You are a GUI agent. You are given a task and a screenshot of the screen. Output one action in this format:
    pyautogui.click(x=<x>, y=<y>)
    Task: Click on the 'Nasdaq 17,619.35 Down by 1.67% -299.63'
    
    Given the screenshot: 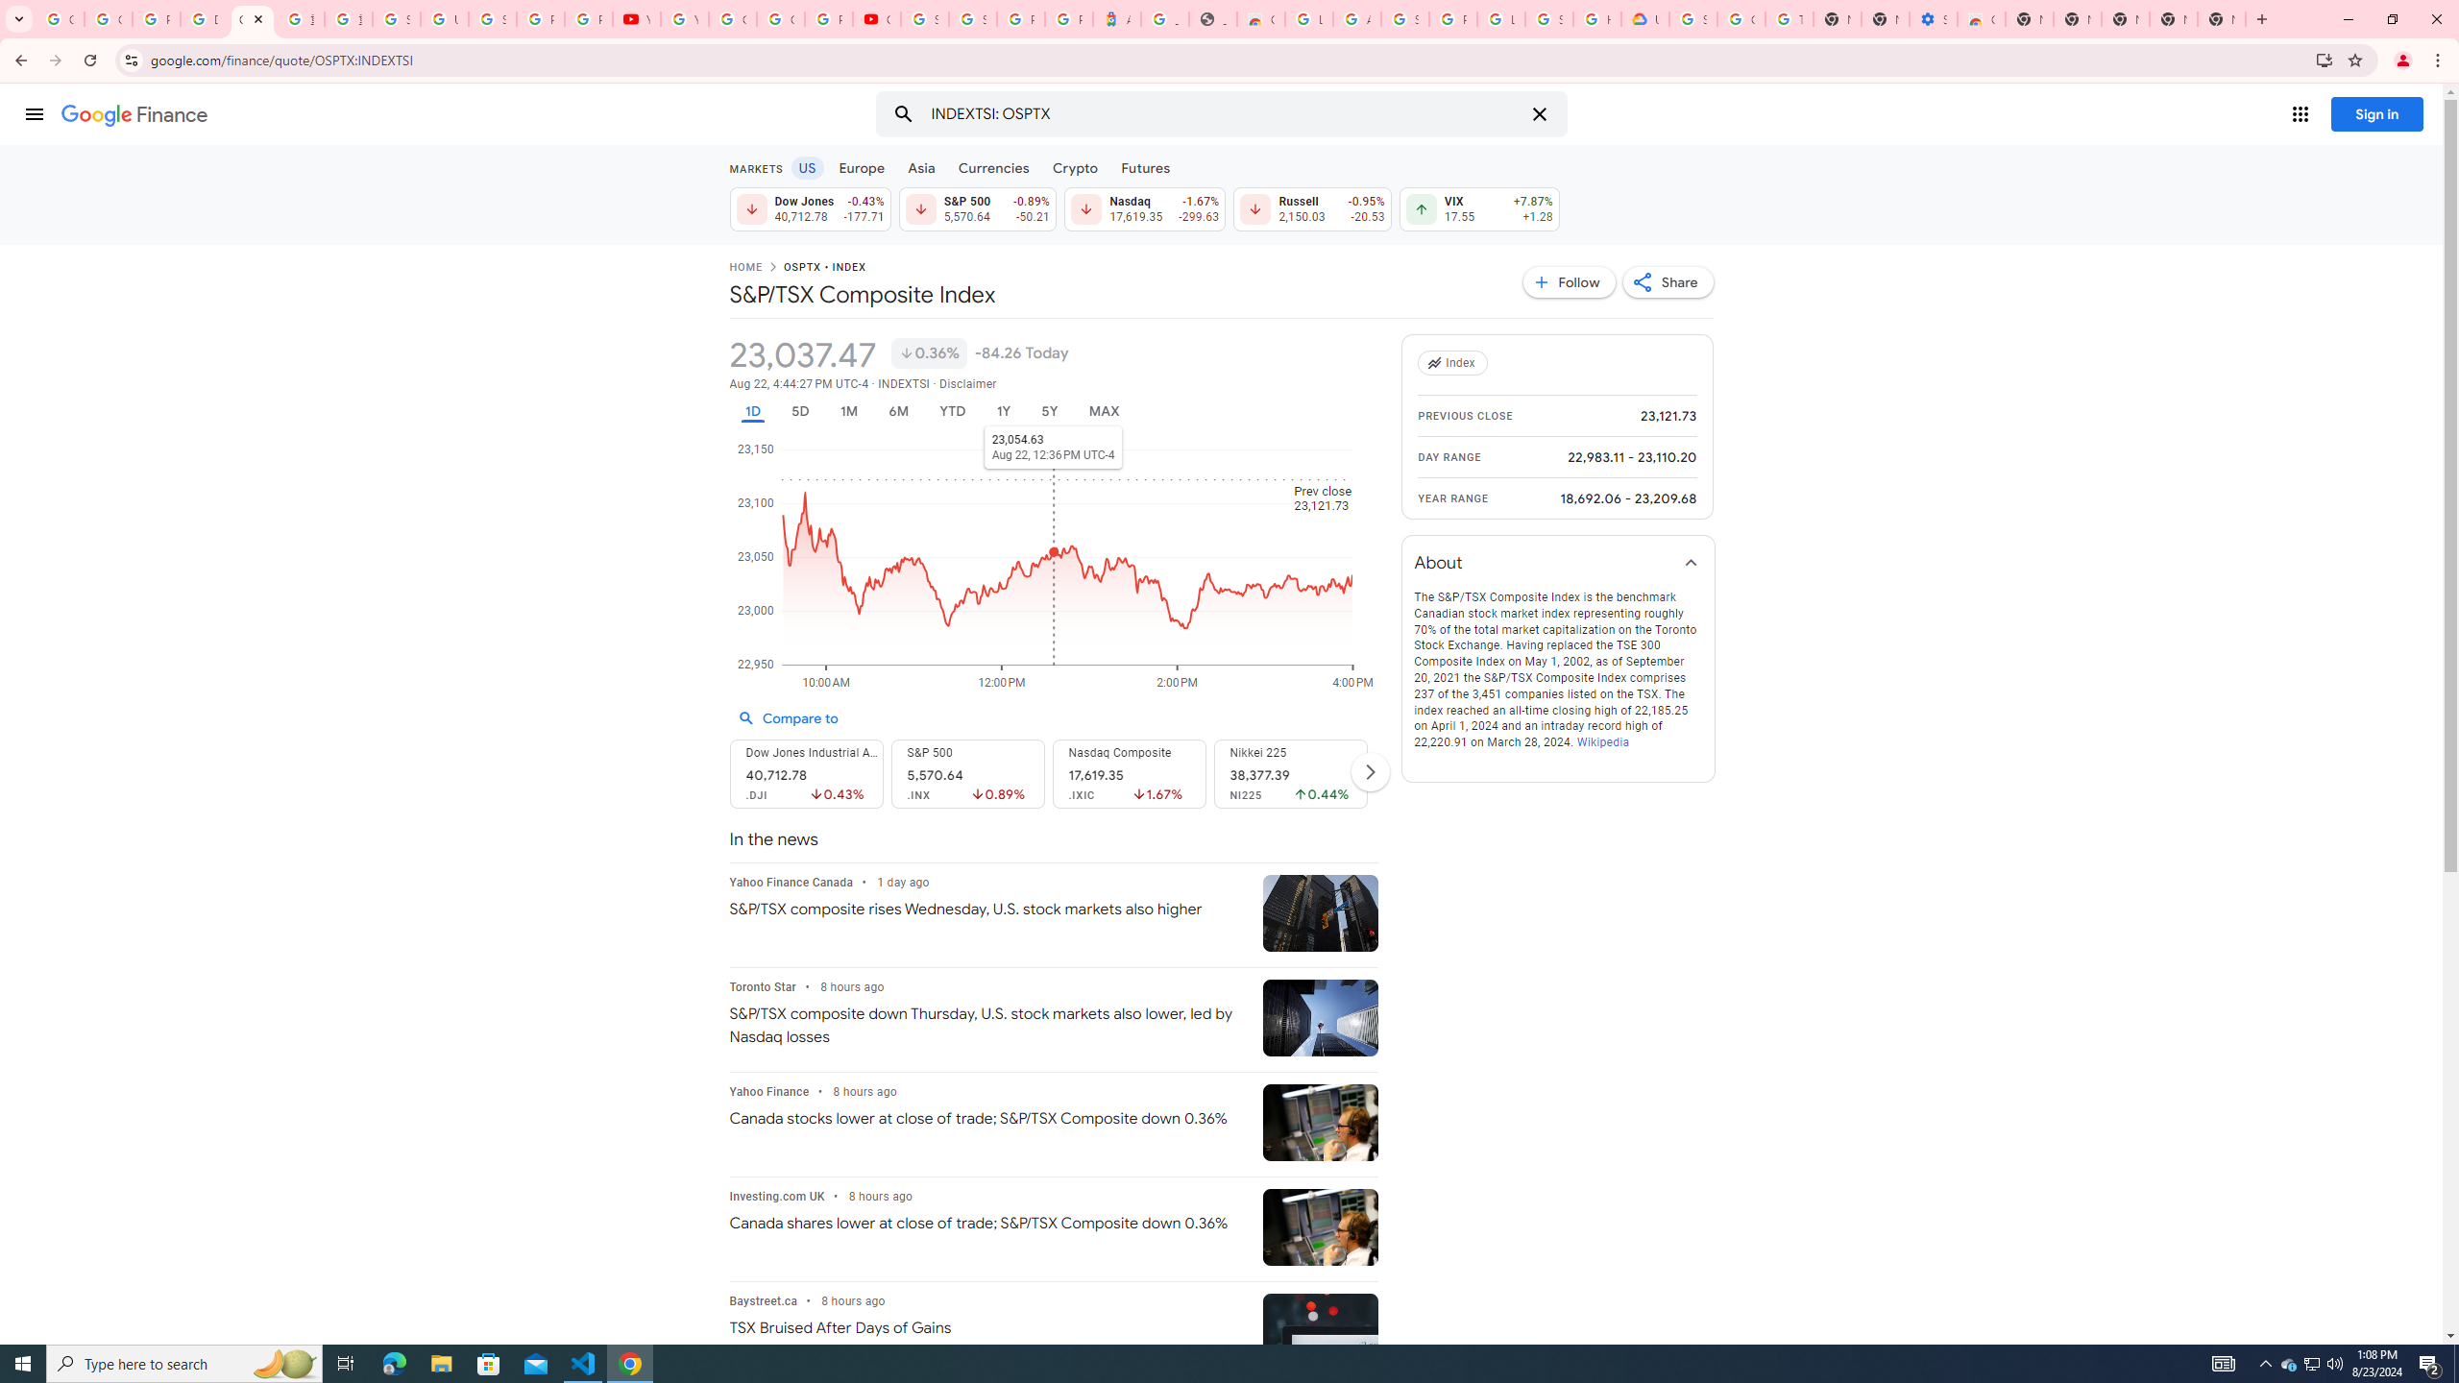 What is the action you would take?
    pyautogui.click(x=1144, y=208)
    